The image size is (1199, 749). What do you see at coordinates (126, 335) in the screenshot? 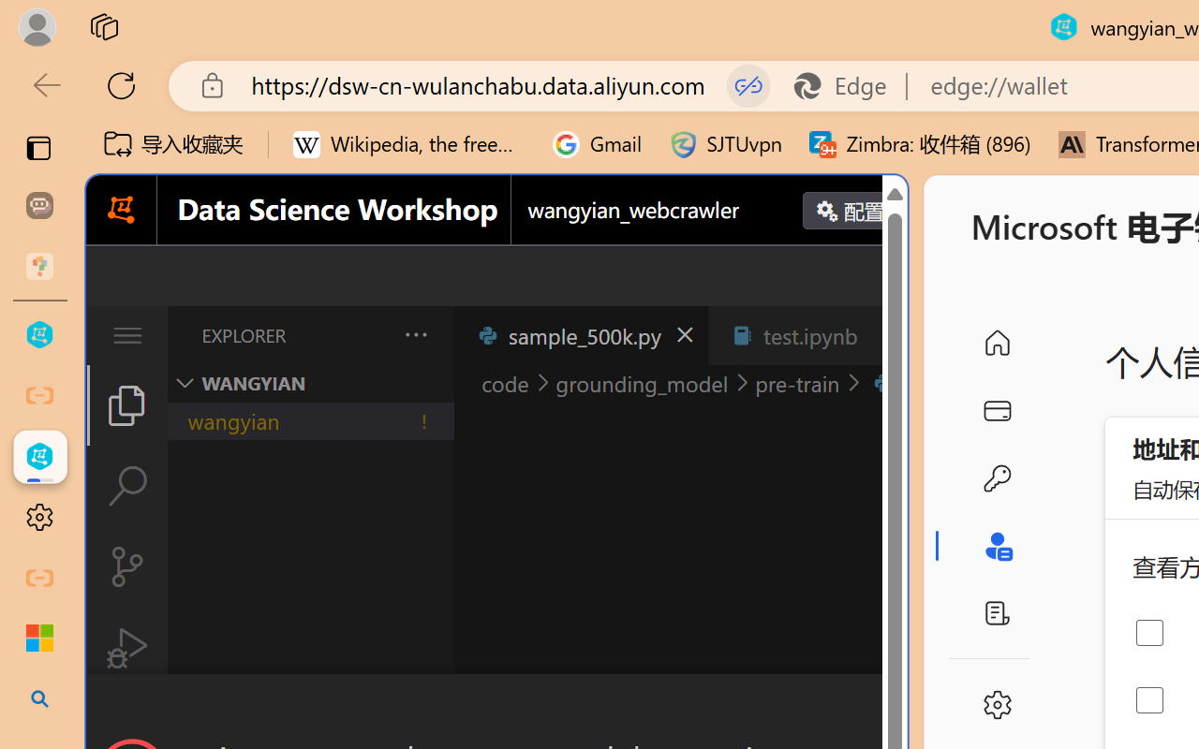
I see `'Class: menubar compact overflow-menu-only'` at bounding box center [126, 335].